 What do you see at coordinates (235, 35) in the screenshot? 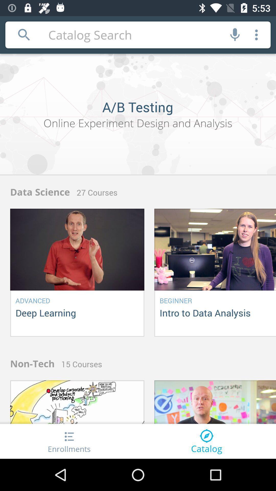
I see `voice option button` at bounding box center [235, 35].